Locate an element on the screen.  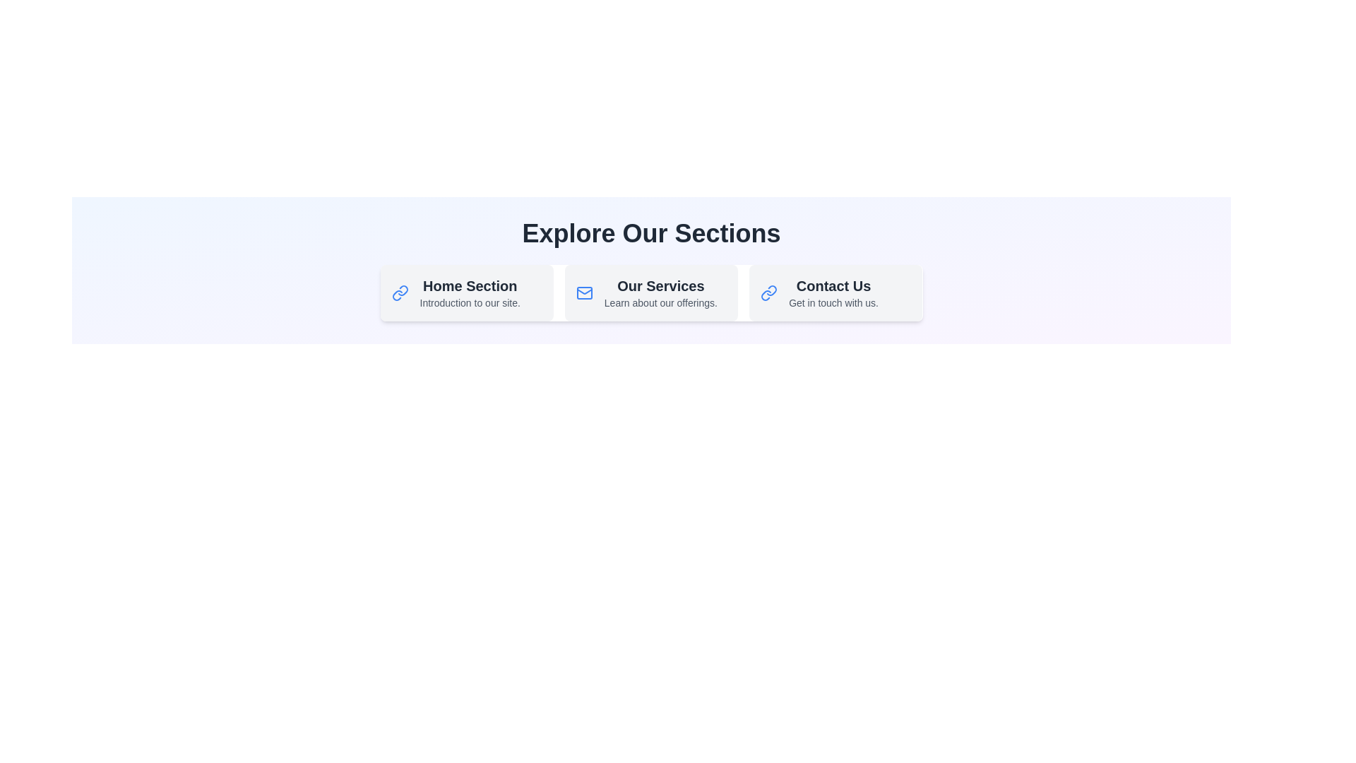
the rectangular shape with rounded corners within the envelope icon in the 'Our Services' section, located in the second column under 'Explore Our Sections' is located at coordinates (584, 292).